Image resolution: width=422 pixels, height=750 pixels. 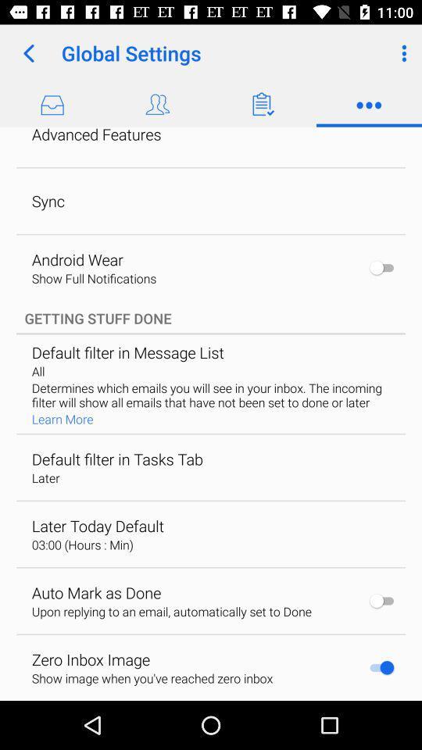 What do you see at coordinates (28, 53) in the screenshot?
I see `the item next to the global settings icon` at bounding box center [28, 53].